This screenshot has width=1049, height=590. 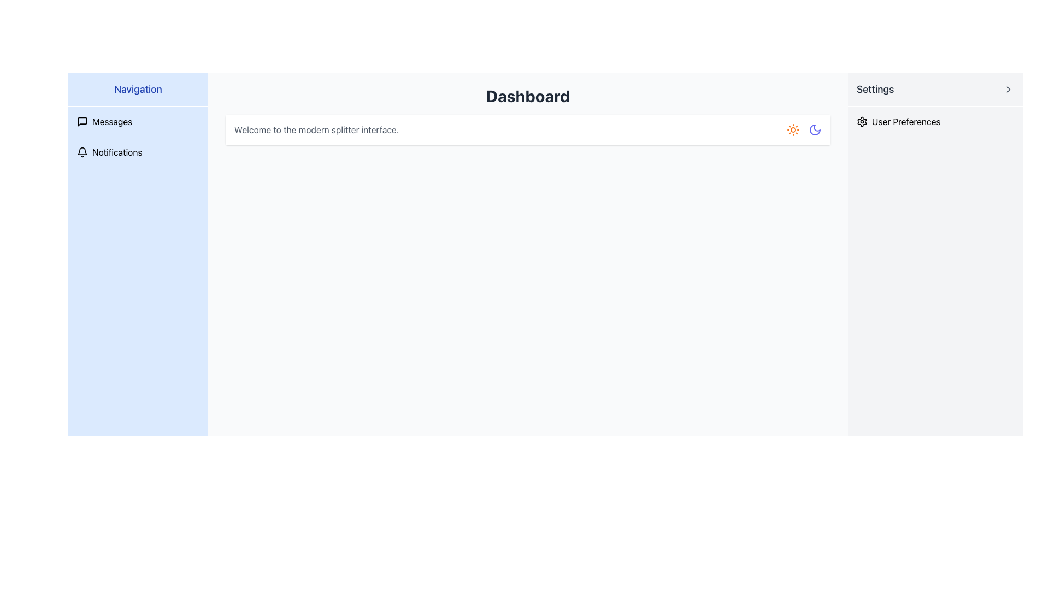 I want to click on the small bell icon with a minimalist design located in the left-side navigation panel, so click(x=81, y=152).